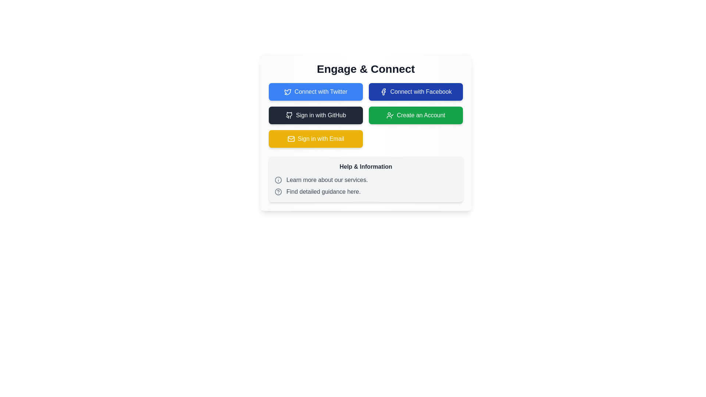 The image size is (706, 397). What do you see at coordinates (316, 139) in the screenshot?
I see `the yellow rectangular button labeled 'Sign in with Email', which is located in the 'Engage & Connect' section, to proceed with sign-in using email` at bounding box center [316, 139].